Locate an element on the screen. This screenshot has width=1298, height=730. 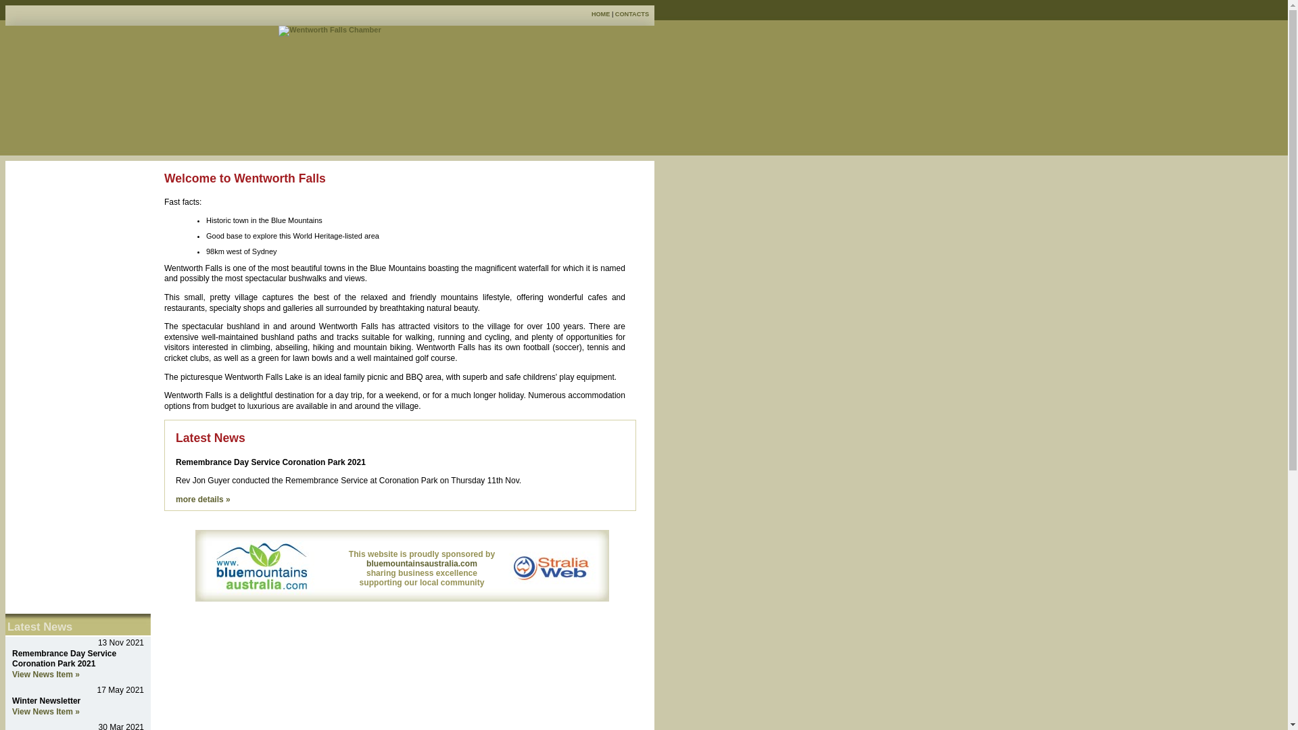
'CONTACTS' is located at coordinates (631, 14).